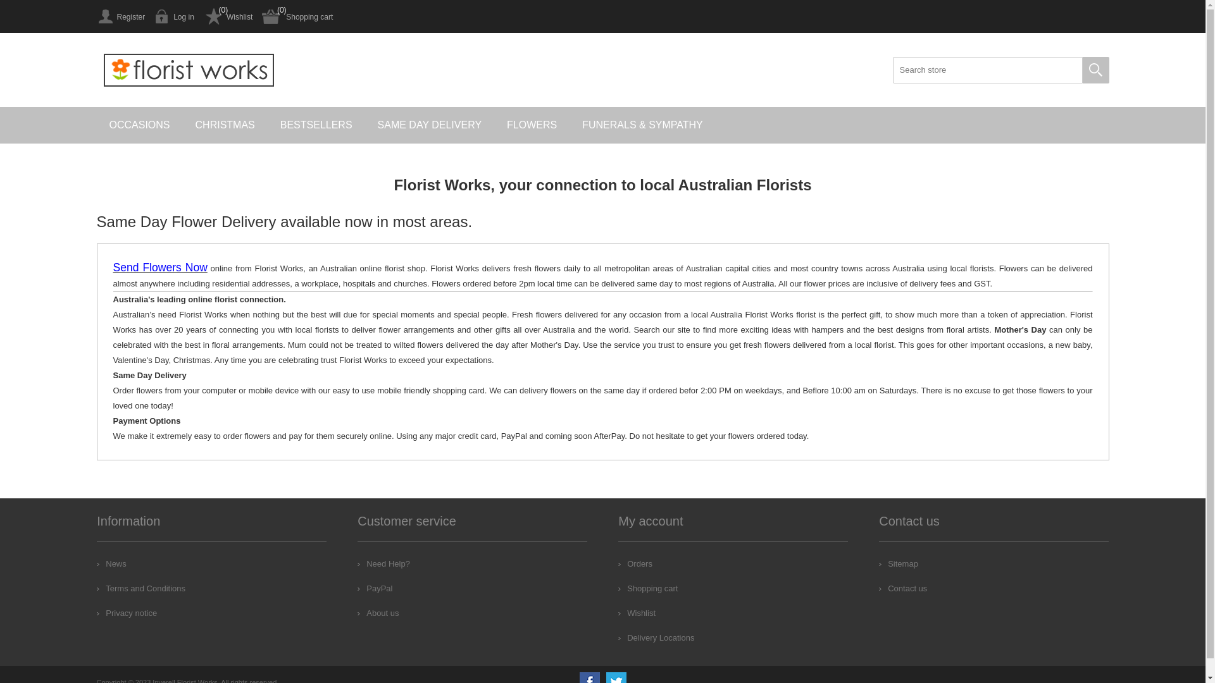  Describe the element at coordinates (357, 612) in the screenshot. I see `'About us'` at that location.